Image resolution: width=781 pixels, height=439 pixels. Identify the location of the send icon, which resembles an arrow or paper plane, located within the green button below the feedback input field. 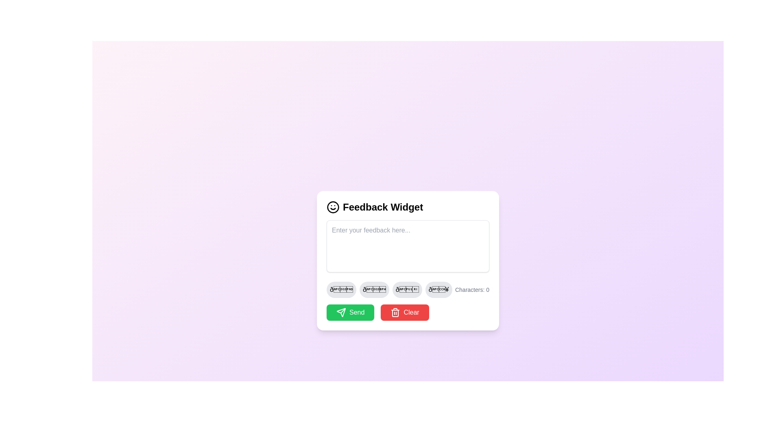
(341, 312).